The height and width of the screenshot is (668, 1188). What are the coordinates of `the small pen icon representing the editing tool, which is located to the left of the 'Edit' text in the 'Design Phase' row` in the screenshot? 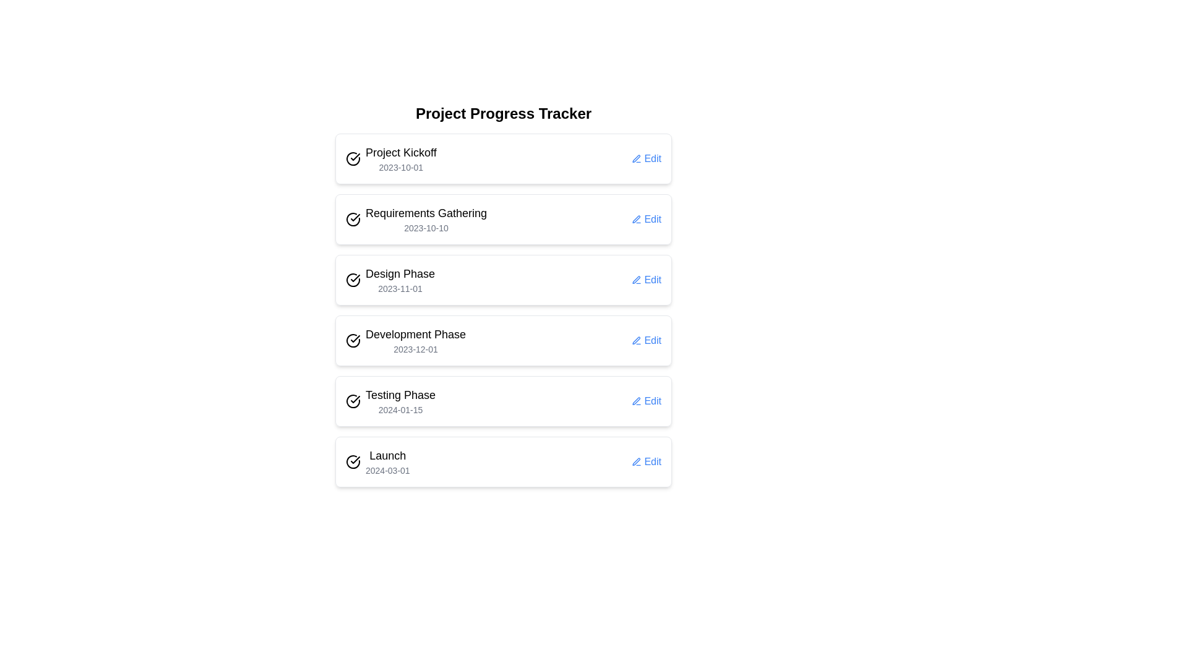 It's located at (637, 280).